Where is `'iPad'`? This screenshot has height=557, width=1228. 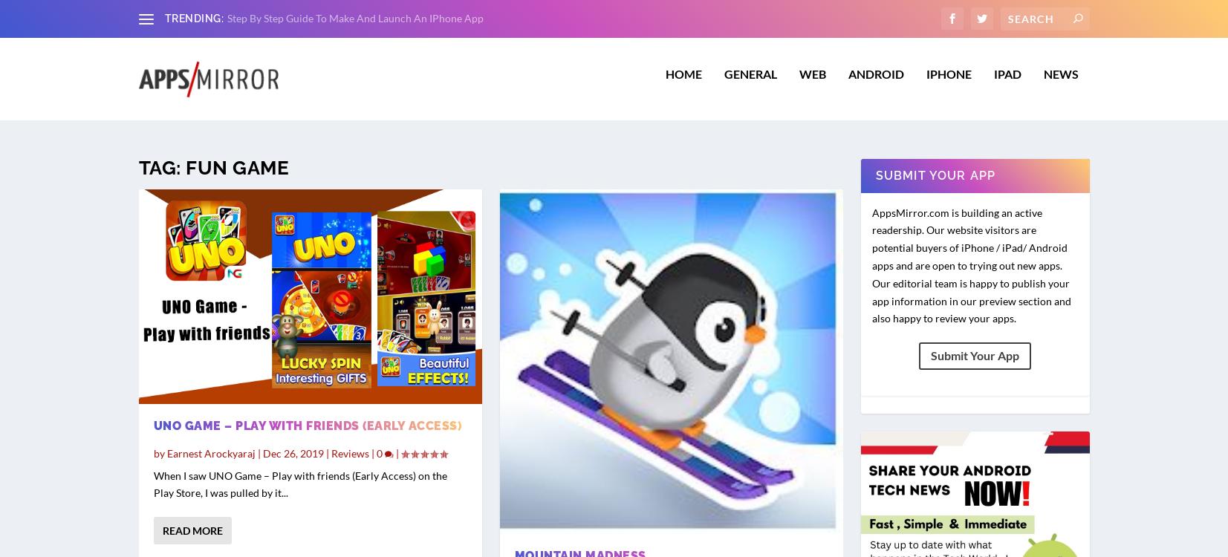
'iPad' is located at coordinates (1007, 82).